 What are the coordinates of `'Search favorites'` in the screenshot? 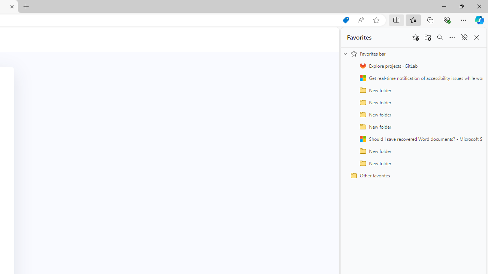 It's located at (440, 37).